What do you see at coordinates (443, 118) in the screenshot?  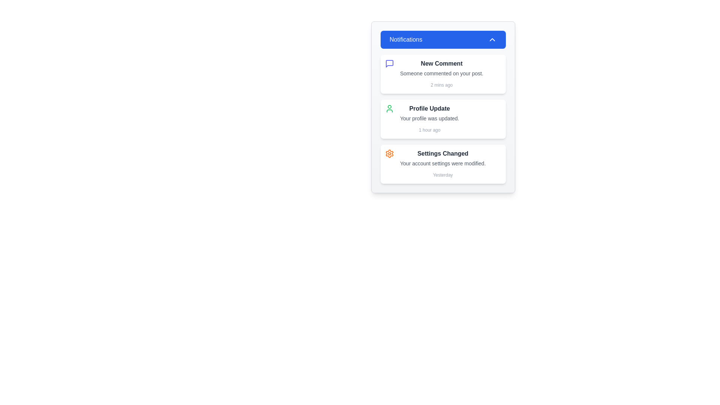 I see `the notification card that informs about a profile update, which is the second of three cards in the notification list` at bounding box center [443, 118].